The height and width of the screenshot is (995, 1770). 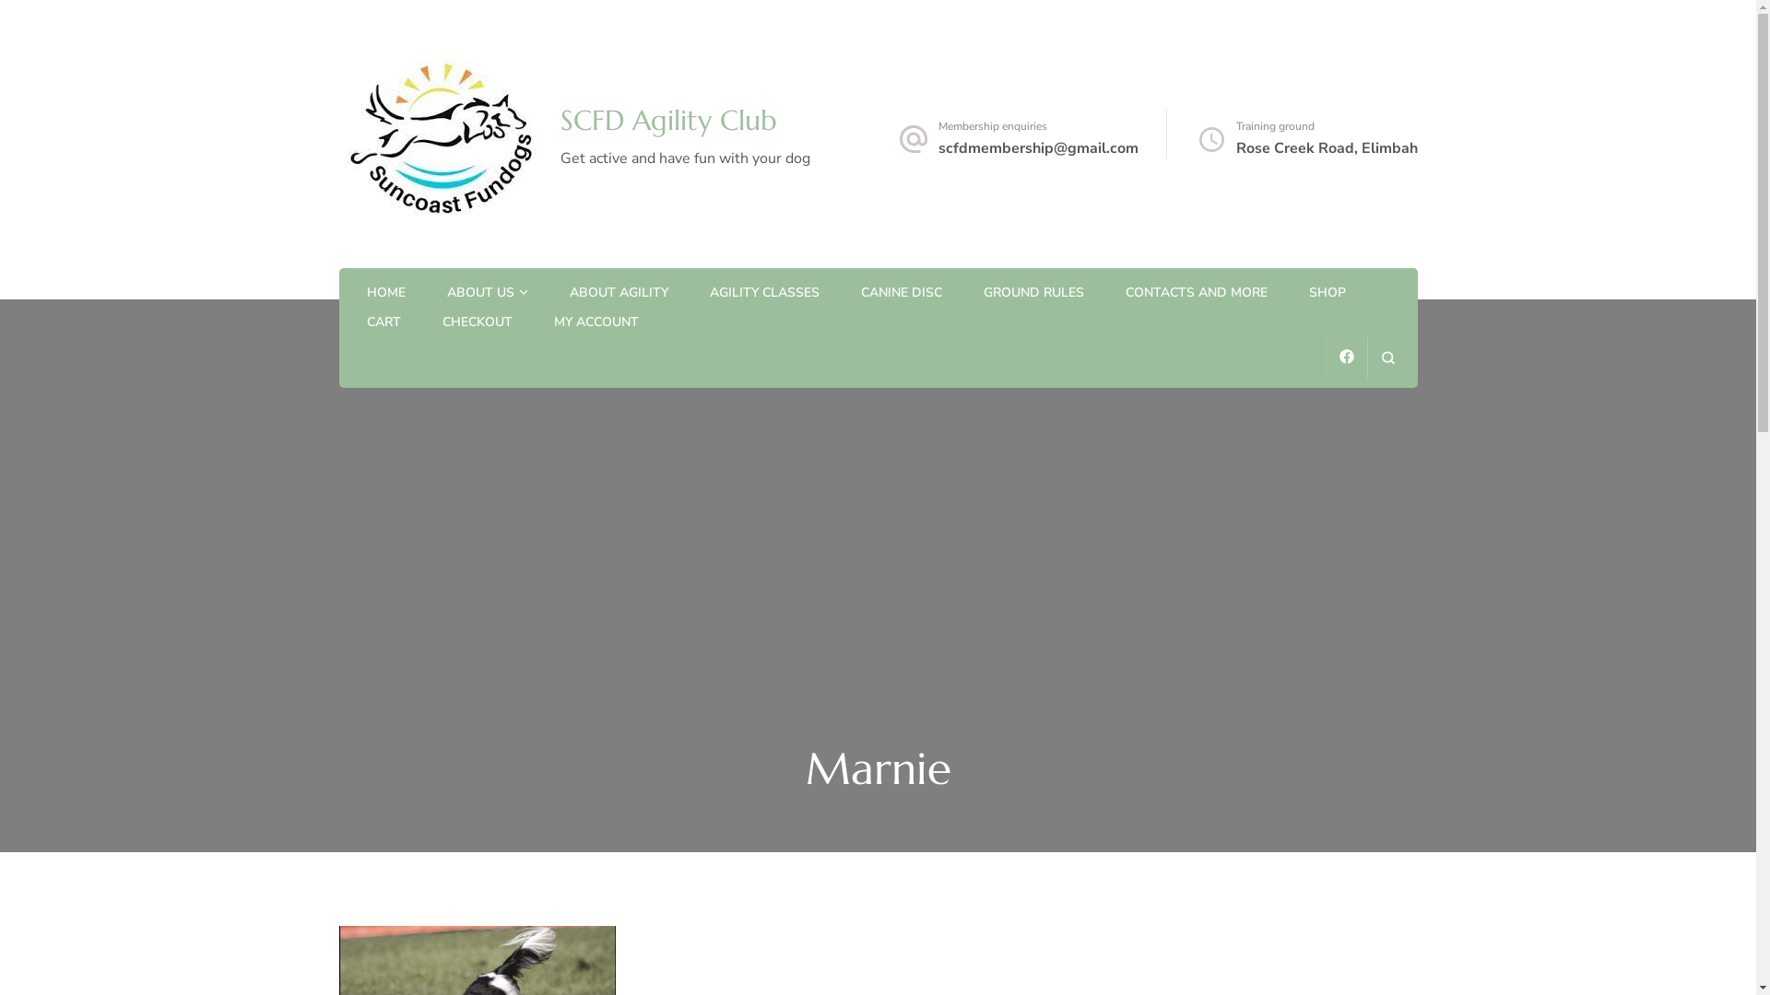 I want to click on 'ABOUT US', so click(x=479, y=293).